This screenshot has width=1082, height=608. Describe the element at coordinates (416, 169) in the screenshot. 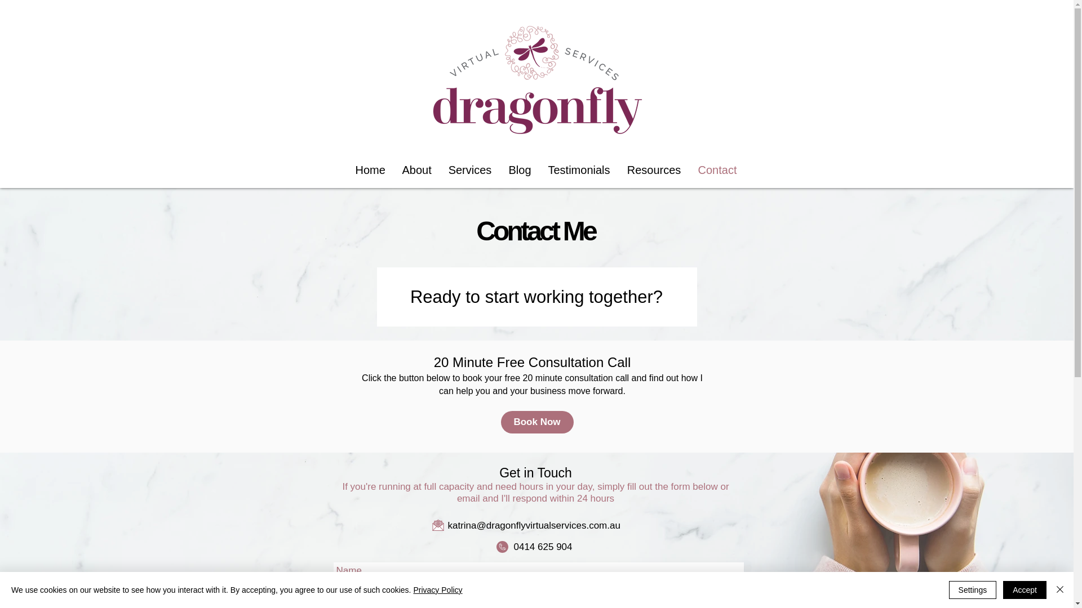

I see `'About'` at that location.